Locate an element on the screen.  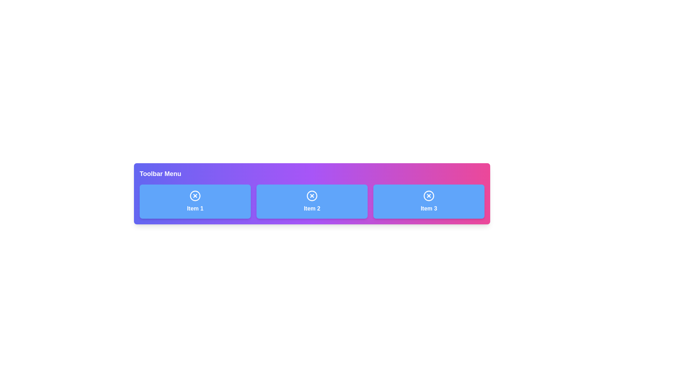
the button labeled 'Item 2' located is located at coordinates (312, 202).